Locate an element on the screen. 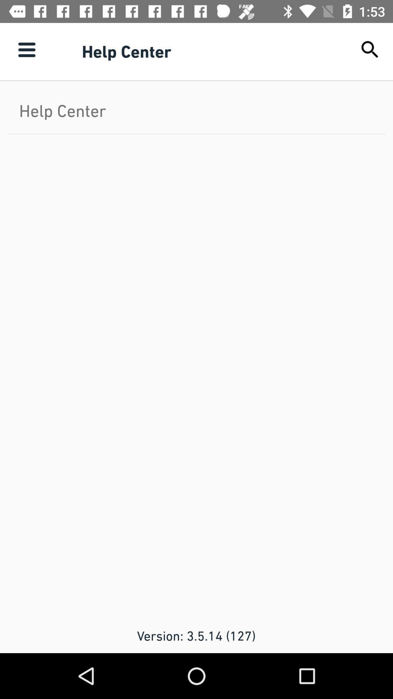 The height and width of the screenshot is (699, 393). item next to help center icon is located at coordinates (26, 49).